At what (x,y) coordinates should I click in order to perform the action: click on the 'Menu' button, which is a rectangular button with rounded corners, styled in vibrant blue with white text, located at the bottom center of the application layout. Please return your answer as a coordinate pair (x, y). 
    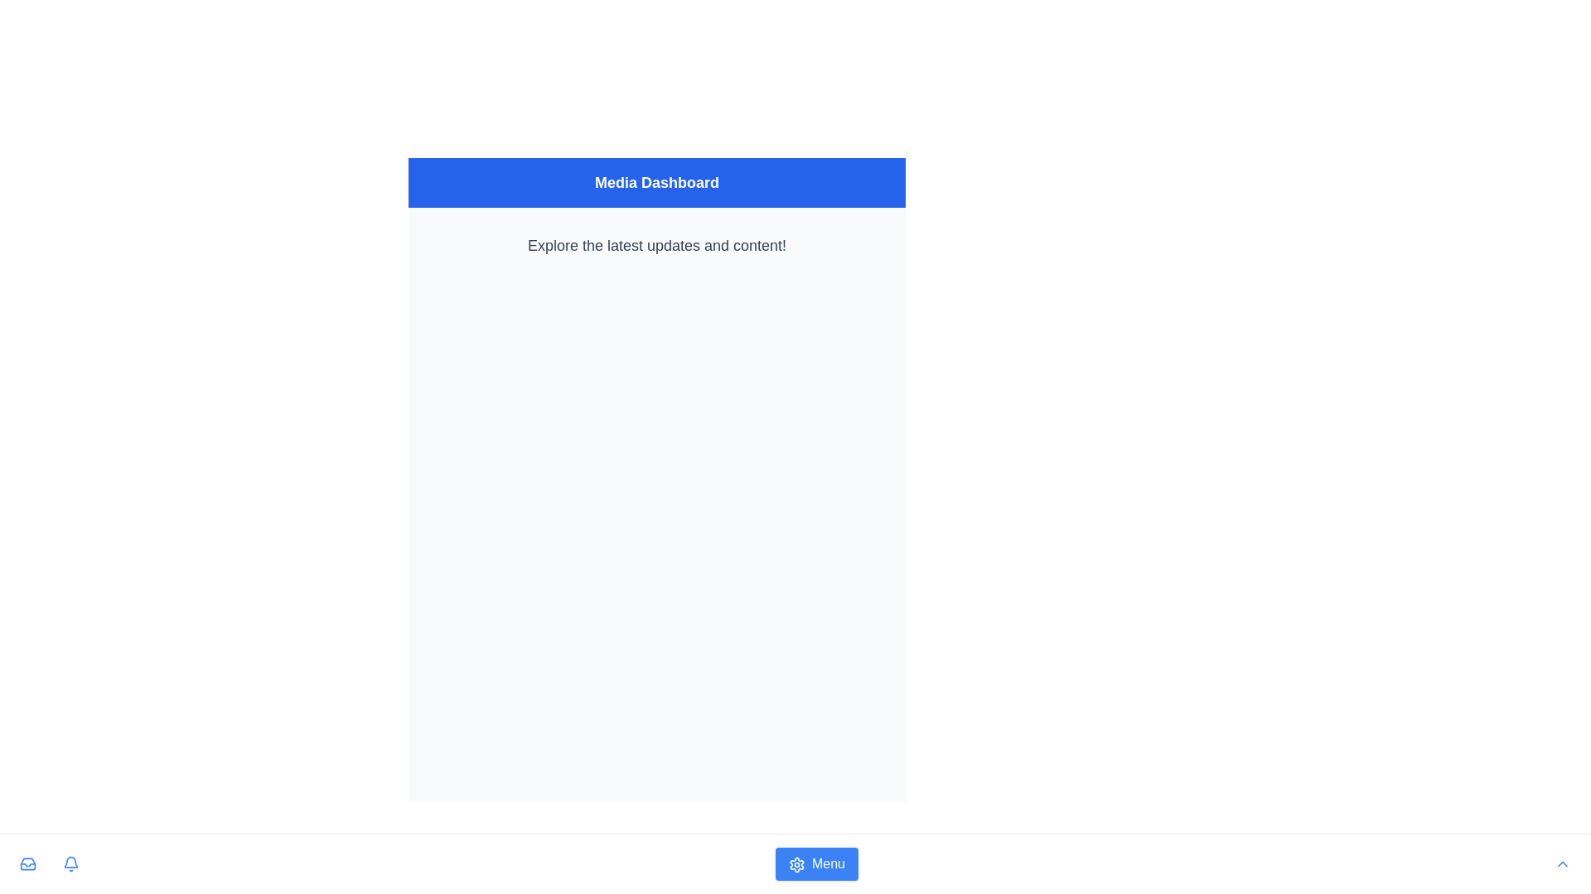
    Looking at the image, I should click on (816, 863).